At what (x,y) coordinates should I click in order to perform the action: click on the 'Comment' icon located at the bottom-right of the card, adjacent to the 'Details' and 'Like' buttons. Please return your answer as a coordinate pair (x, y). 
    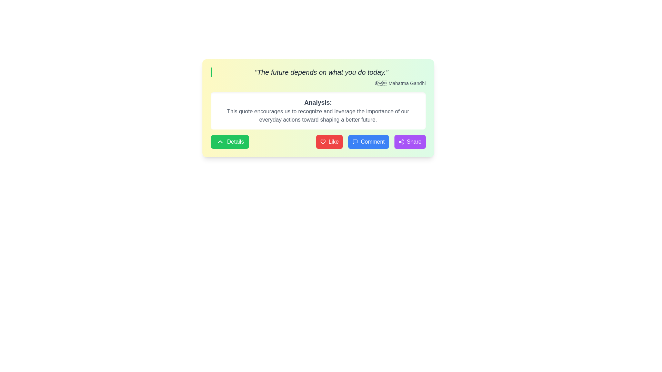
    Looking at the image, I should click on (355, 142).